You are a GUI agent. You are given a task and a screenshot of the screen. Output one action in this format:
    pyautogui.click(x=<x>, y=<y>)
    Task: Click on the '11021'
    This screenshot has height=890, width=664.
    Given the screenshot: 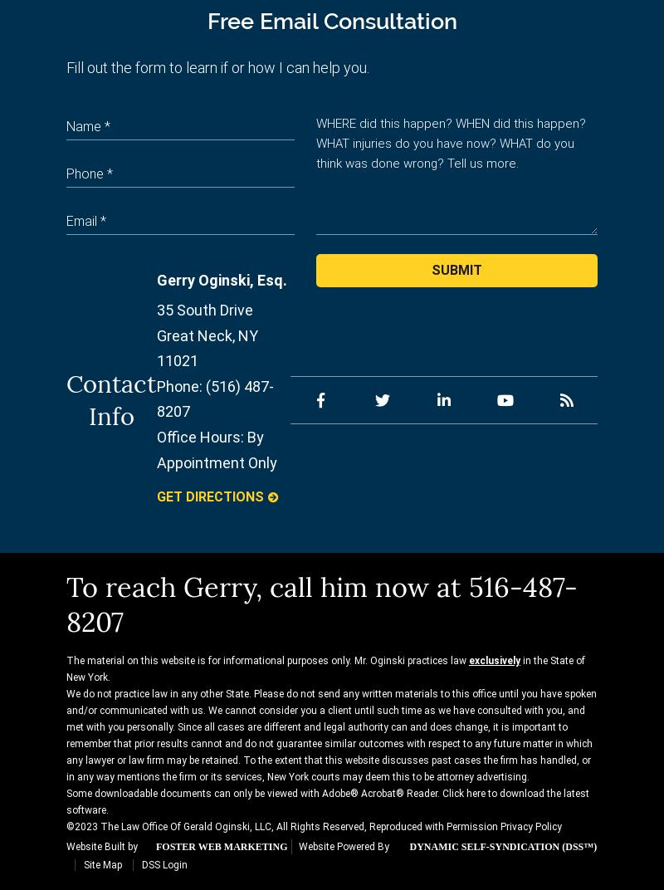 What is the action you would take?
    pyautogui.click(x=178, y=359)
    